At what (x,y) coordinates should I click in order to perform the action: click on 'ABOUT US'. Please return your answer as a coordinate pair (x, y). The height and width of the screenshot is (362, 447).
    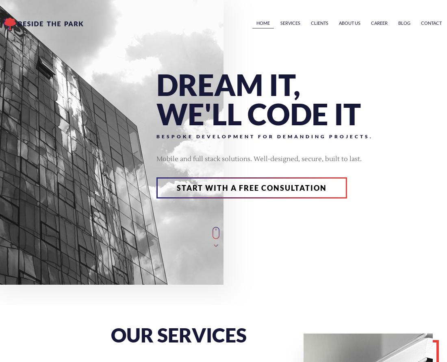
    Looking at the image, I should click on (349, 23).